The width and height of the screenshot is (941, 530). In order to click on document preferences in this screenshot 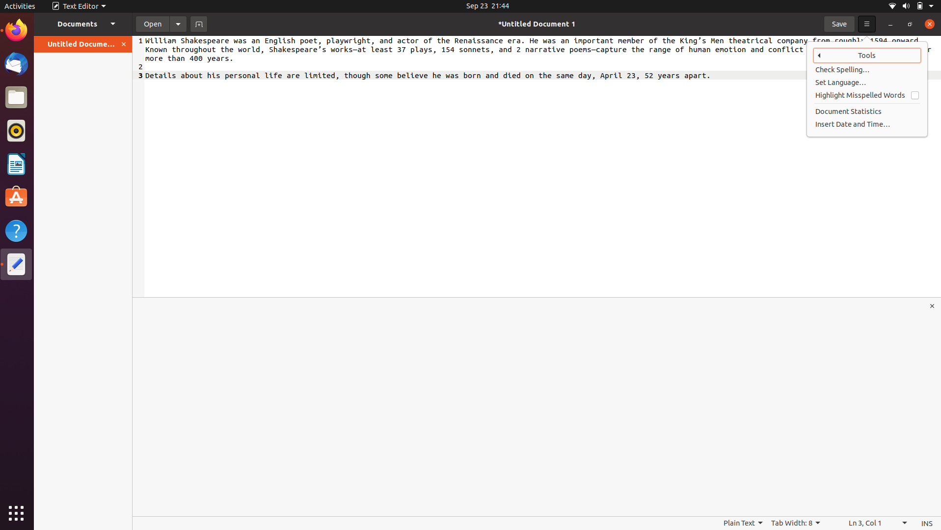, I will do `click(178, 23)`.